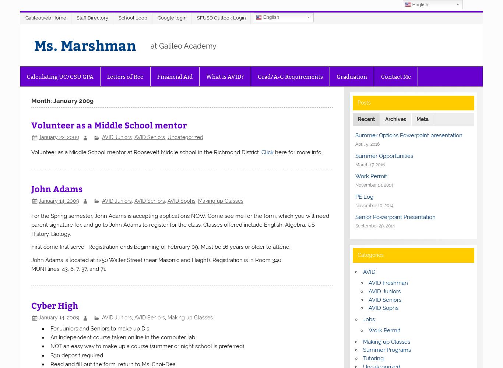  What do you see at coordinates (363, 271) in the screenshot?
I see `'AVID'` at bounding box center [363, 271].